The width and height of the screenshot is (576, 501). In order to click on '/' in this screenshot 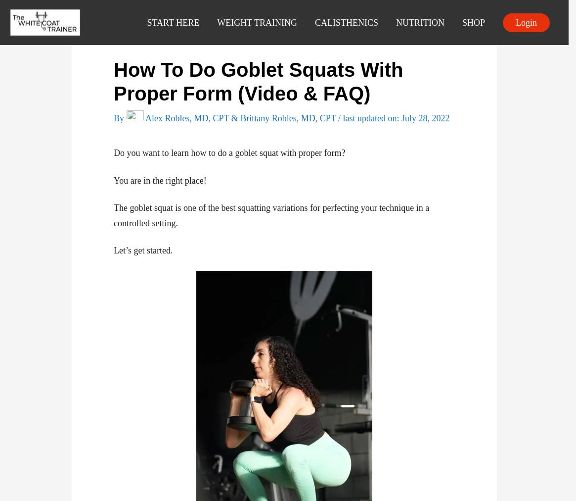, I will do `click(338, 118)`.